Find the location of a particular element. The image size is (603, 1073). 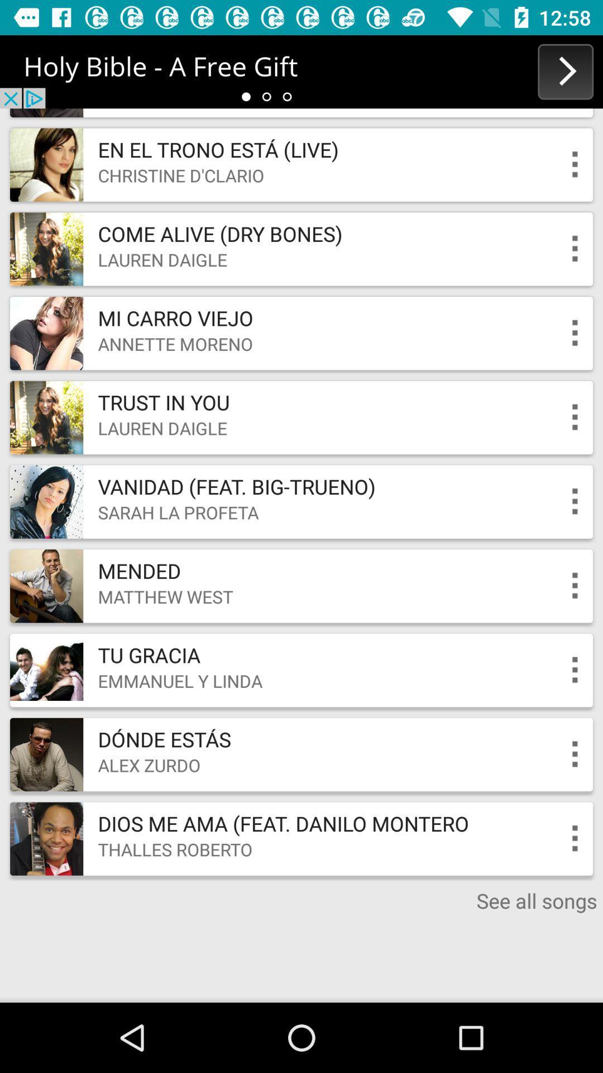

the third image from top is located at coordinates (46, 333).